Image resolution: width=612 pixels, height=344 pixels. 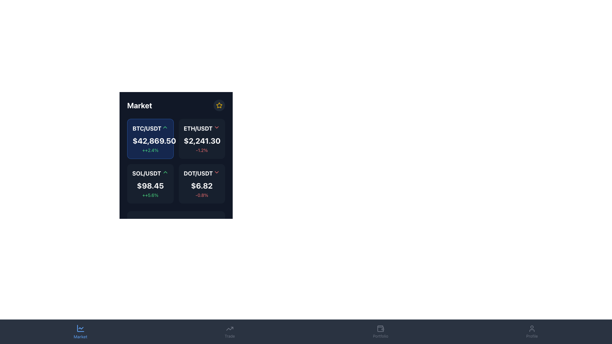 What do you see at coordinates (381, 331) in the screenshot?
I see `the button with a wallet icon and the label 'Portfolio' located in the bottom navigation bar to trigger hover effects` at bounding box center [381, 331].